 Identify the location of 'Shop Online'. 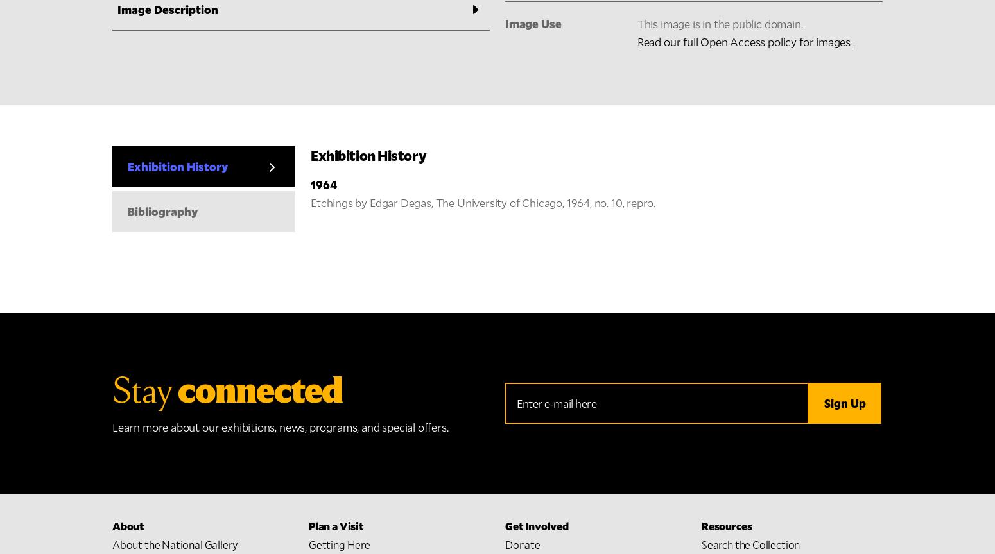
(532, 247).